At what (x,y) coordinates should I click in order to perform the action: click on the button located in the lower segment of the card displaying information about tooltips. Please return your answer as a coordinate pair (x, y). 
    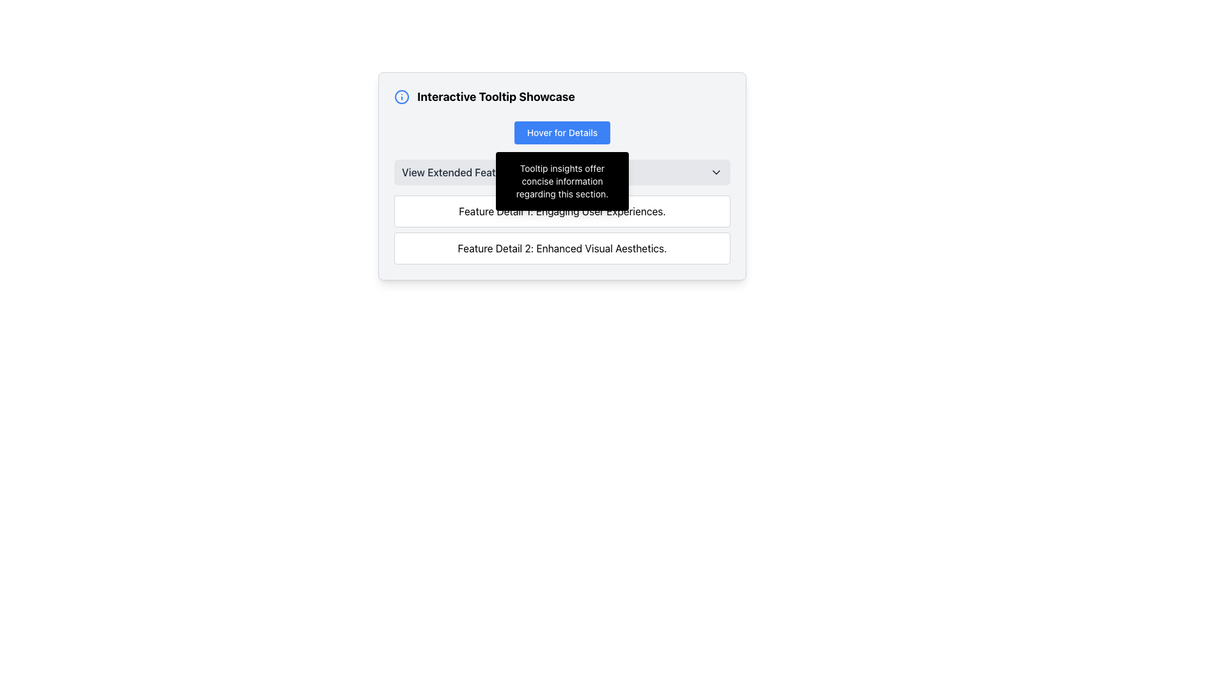
    Looking at the image, I should click on (562, 211).